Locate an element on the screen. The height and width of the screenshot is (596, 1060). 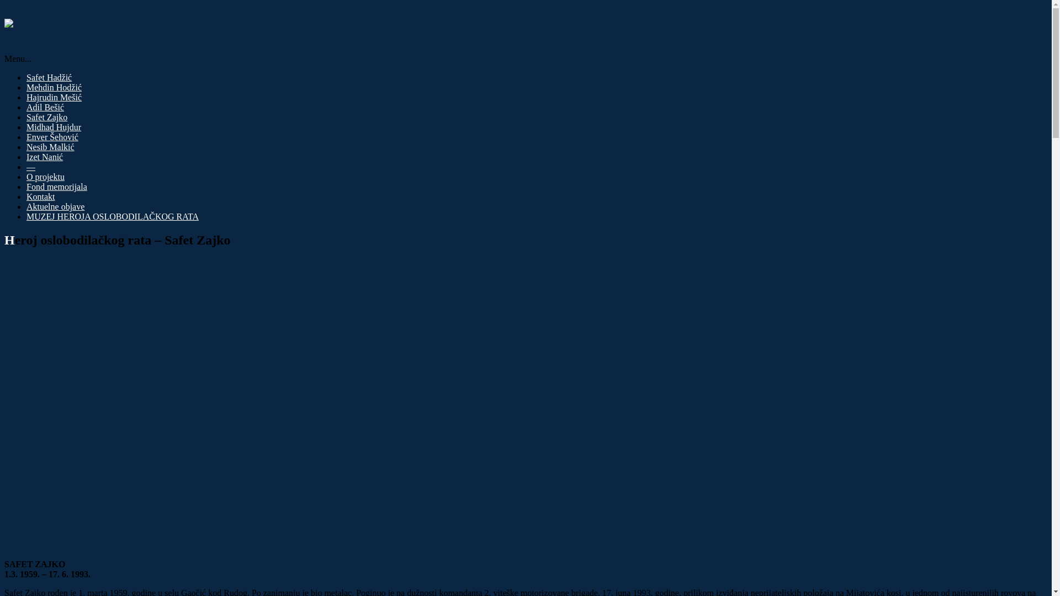
'O projektu' is located at coordinates (45, 176).